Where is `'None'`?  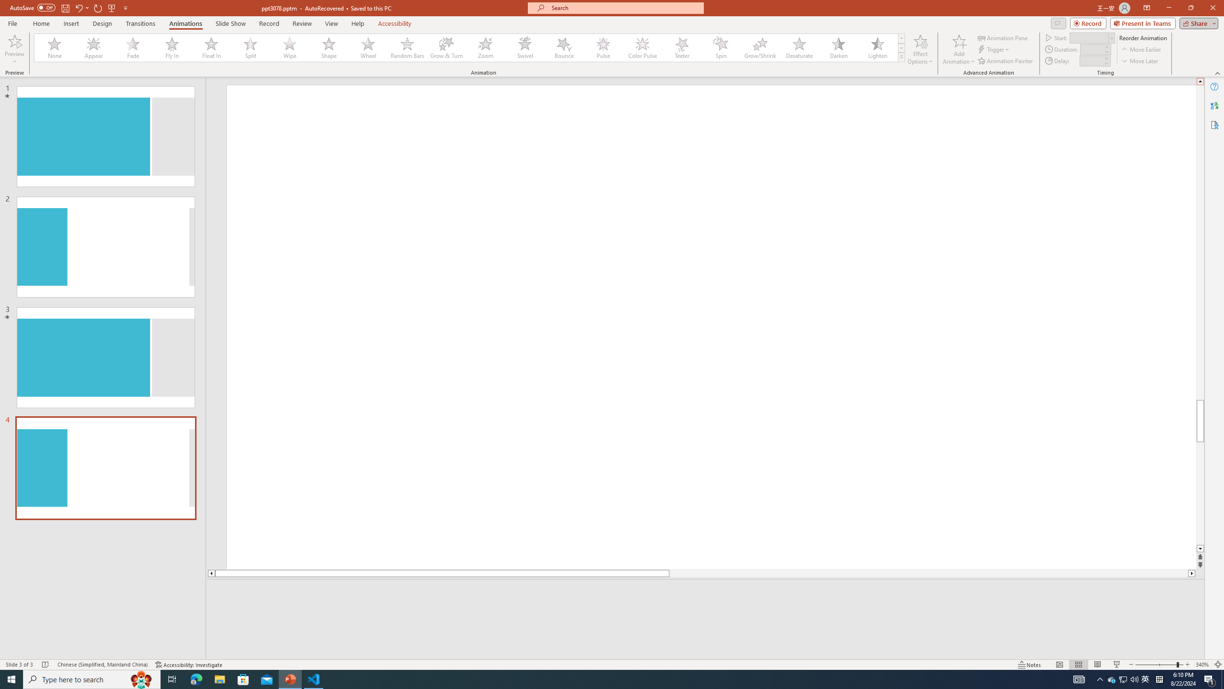 'None' is located at coordinates (55, 47).